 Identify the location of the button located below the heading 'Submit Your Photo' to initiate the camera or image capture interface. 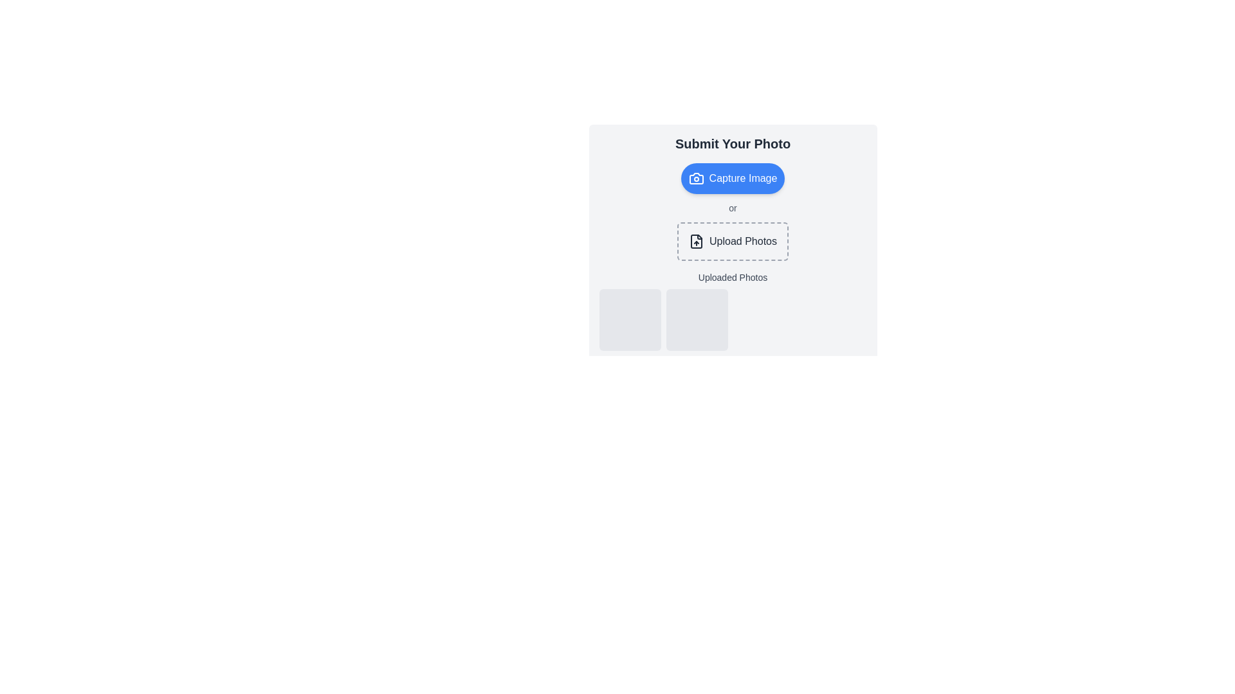
(733, 178).